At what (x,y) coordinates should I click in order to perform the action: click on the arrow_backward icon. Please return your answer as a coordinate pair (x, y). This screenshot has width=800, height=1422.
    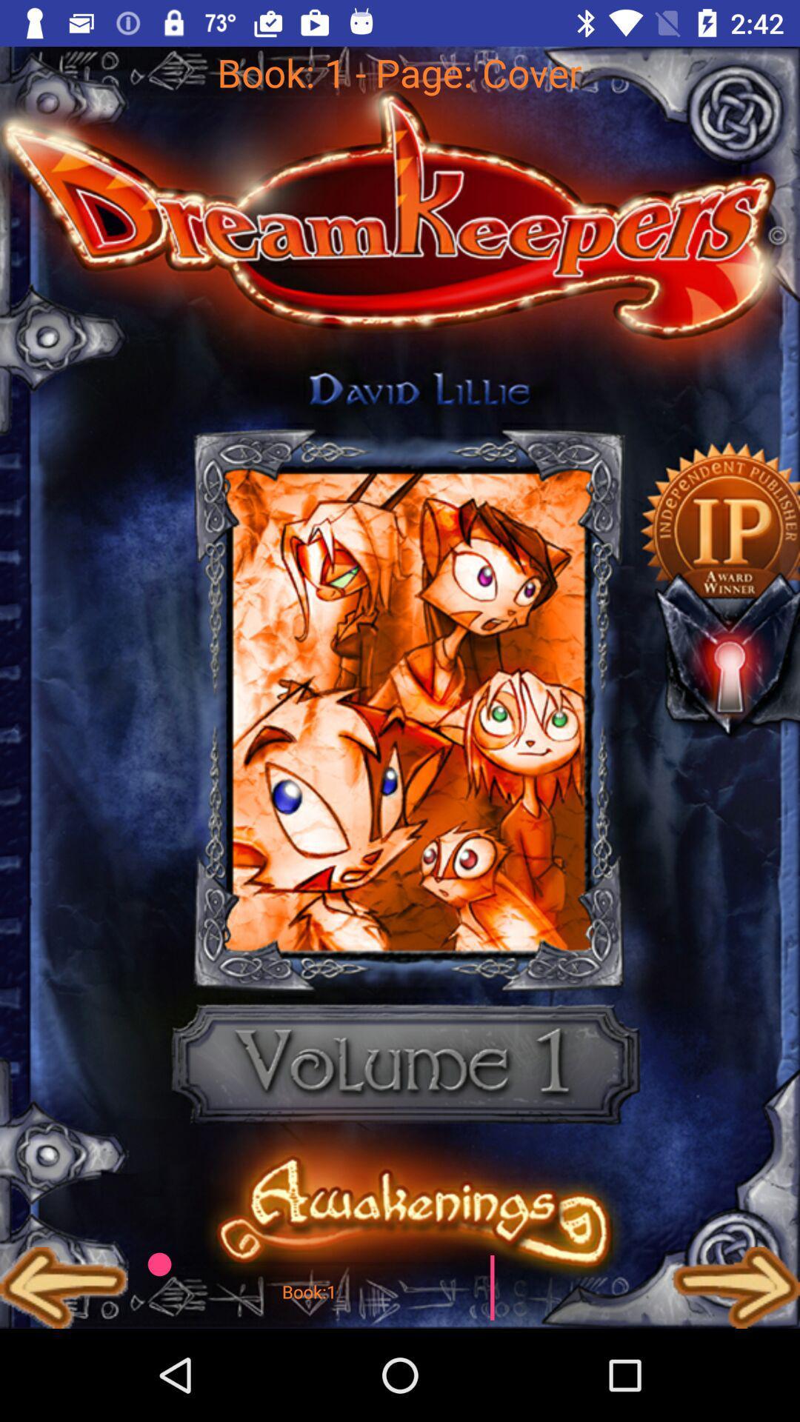
    Looking at the image, I should click on (63, 1286).